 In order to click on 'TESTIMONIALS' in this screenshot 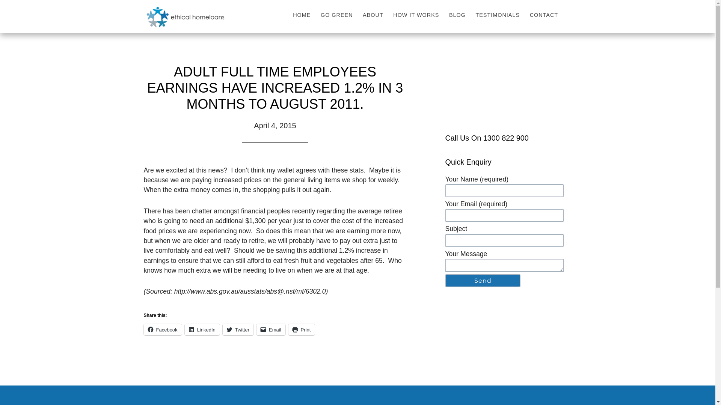, I will do `click(499, 15)`.